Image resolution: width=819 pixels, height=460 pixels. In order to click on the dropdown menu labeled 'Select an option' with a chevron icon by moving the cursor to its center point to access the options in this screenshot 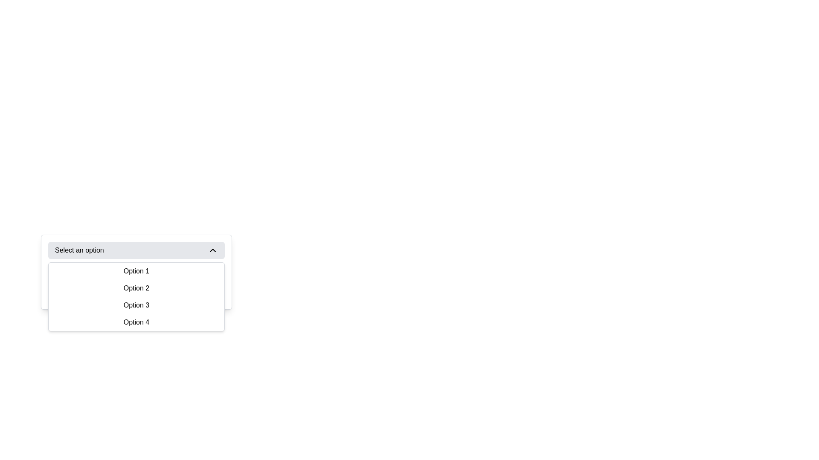, I will do `click(136, 250)`.